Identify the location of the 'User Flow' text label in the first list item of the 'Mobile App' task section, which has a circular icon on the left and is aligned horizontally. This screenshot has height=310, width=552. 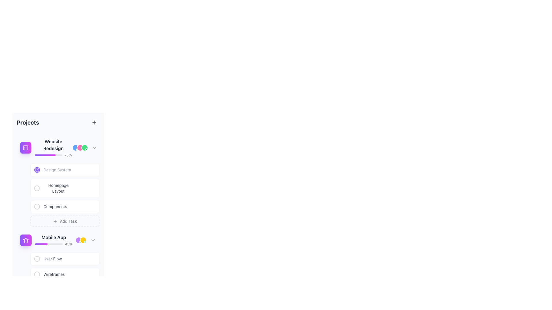
(48, 259).